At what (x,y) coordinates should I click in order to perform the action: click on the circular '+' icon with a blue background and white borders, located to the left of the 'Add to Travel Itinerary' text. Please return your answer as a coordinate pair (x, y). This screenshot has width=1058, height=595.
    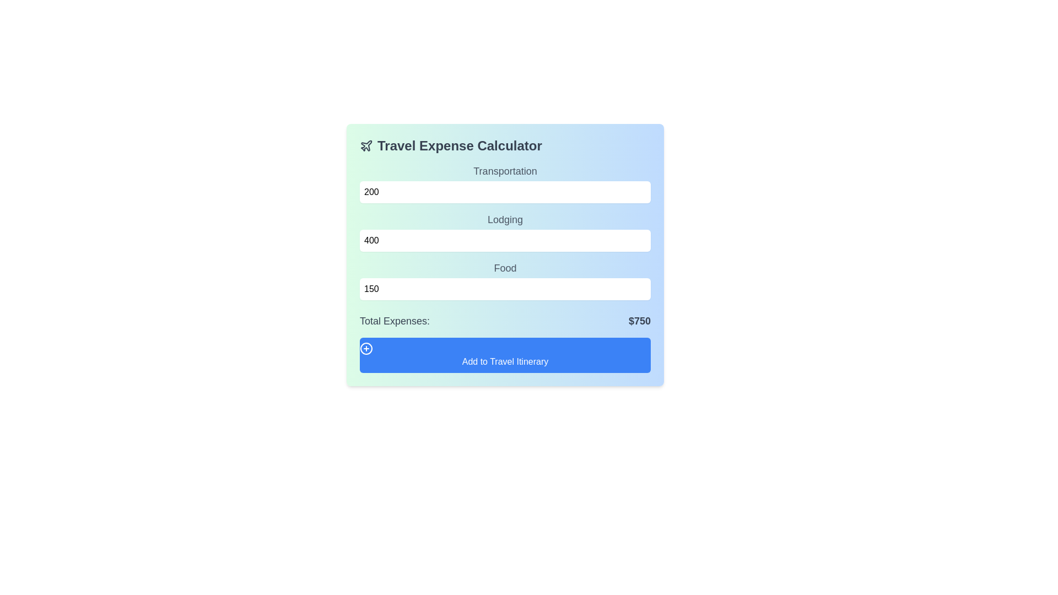
    Looking at the image, I should click on (366, 348).